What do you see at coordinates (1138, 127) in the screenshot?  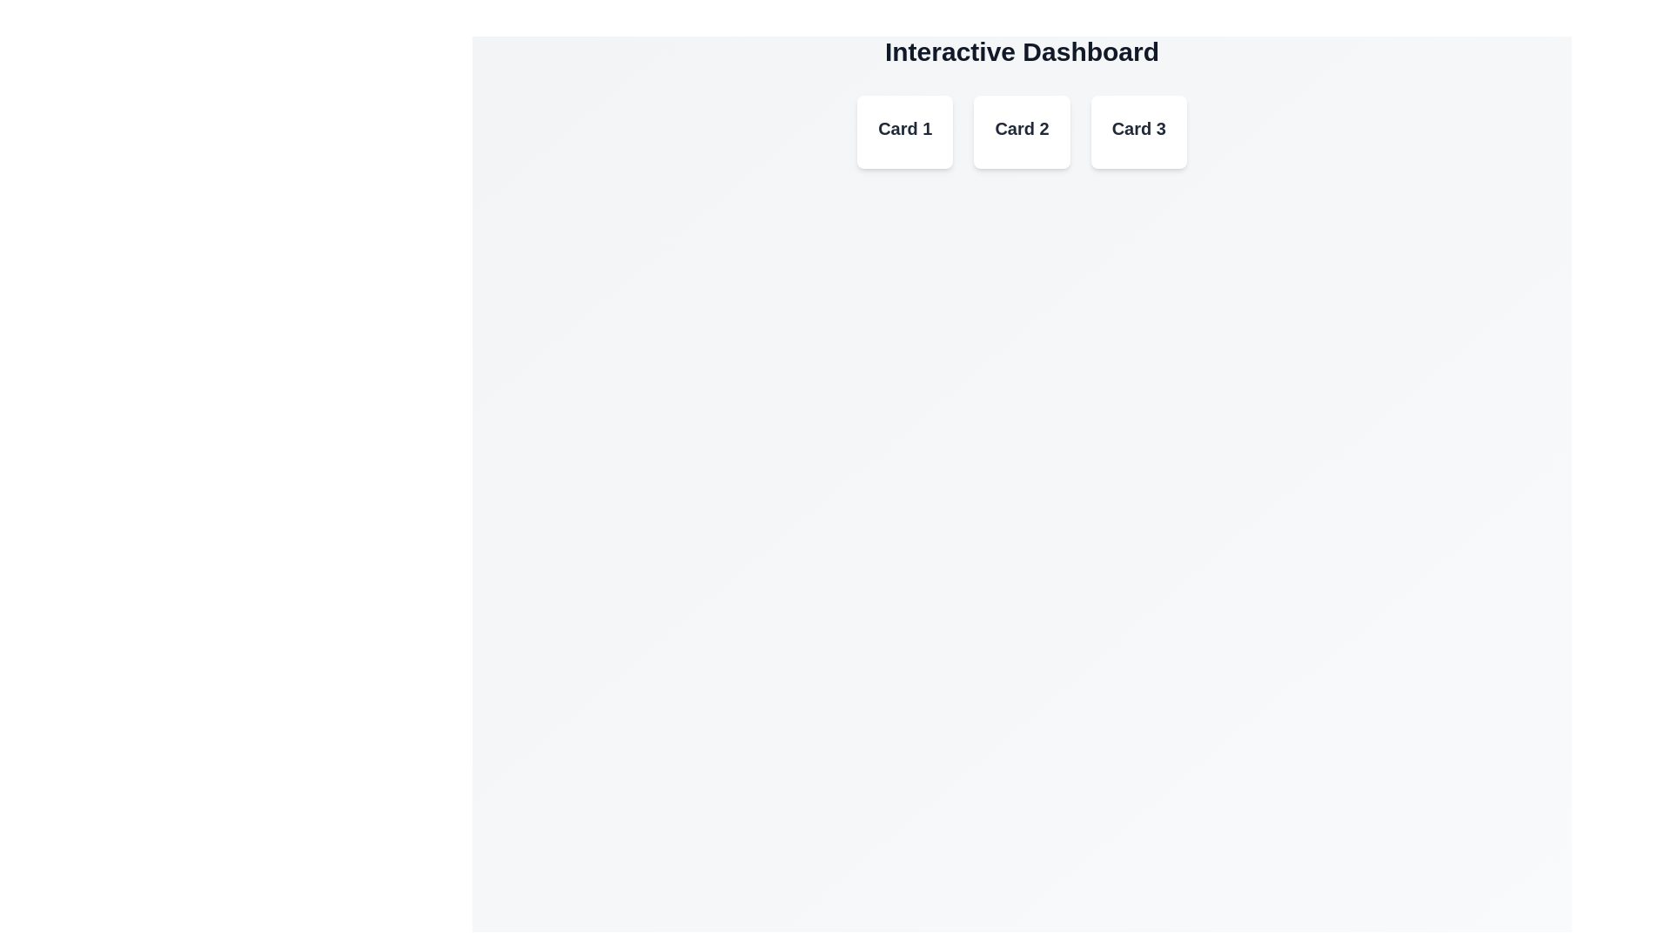 I see `the title text of the third card in the Interactive Dashboard, which serves to identify its content or purpose` at bounding box center [1138, 127].